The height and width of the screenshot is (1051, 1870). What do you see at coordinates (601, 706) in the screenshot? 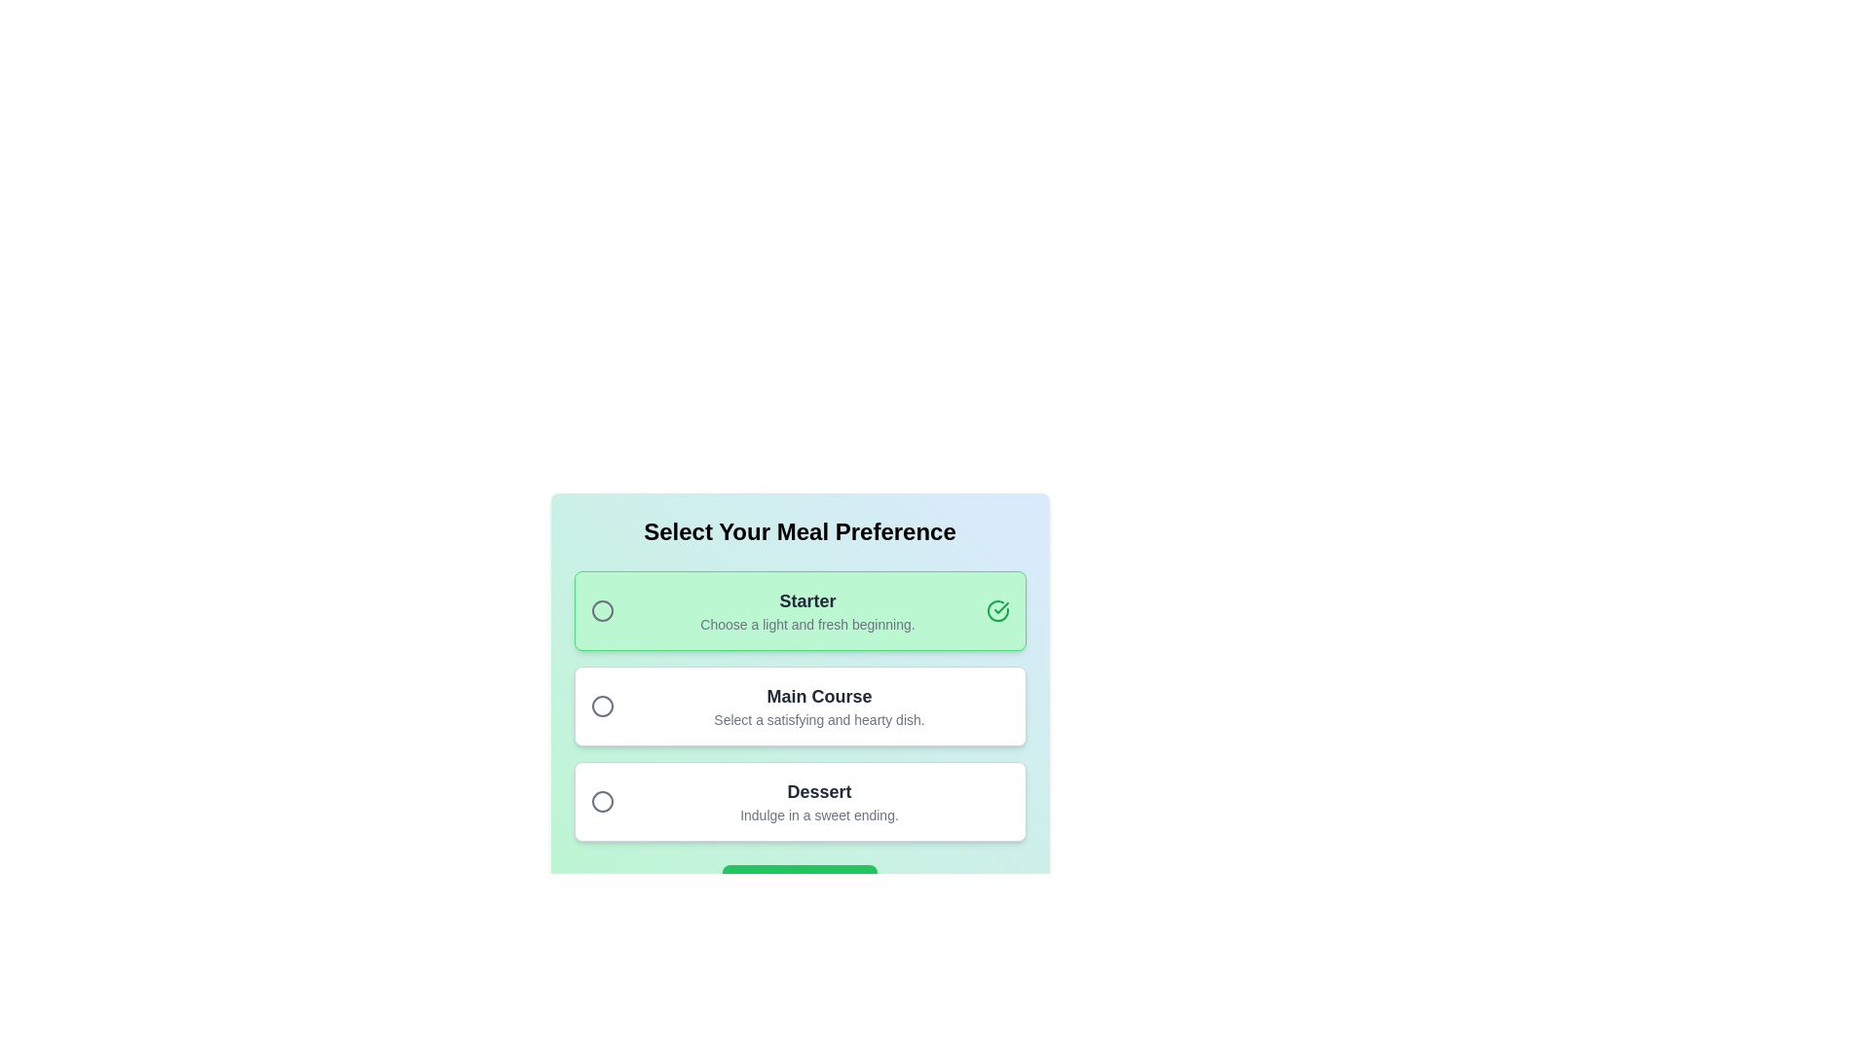
I see `the state of the circular icon with a small central dot and a thin outline, located within the 'Main Course' option of the meal preference selection panel` at bounding box center [601, 706].